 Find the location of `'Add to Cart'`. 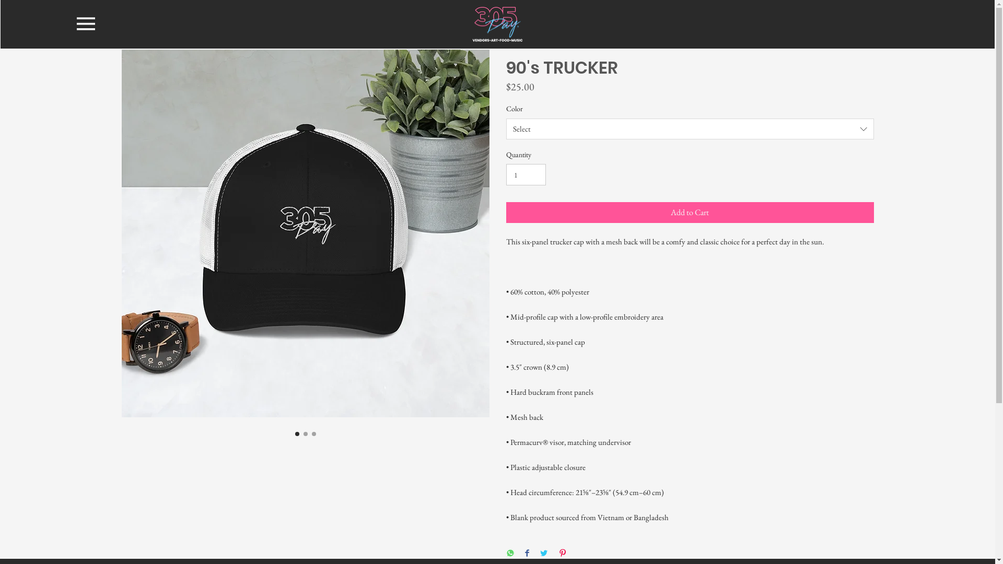

'Add to Cart' is located at coordinates (690, 212).